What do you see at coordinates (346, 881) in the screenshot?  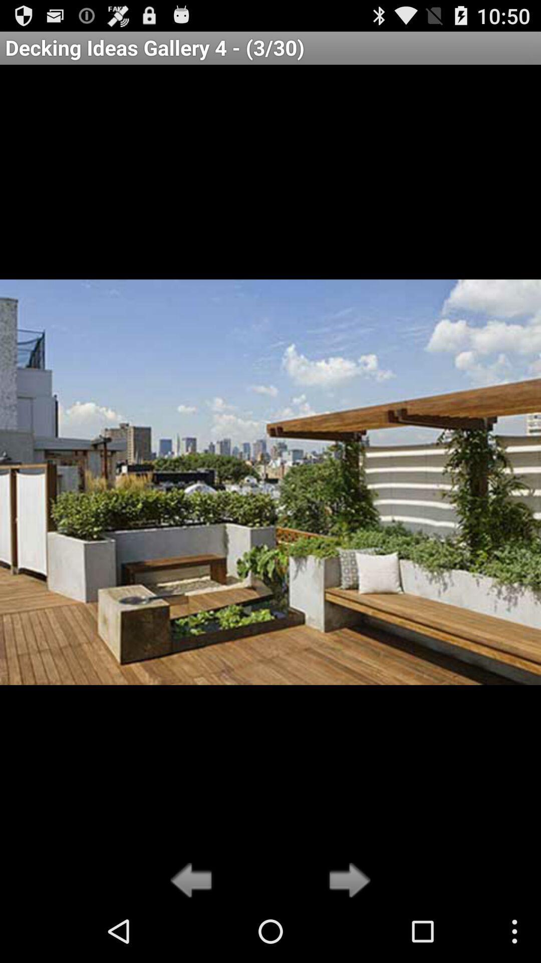 I see `next option` at bounding box center [346, 881].